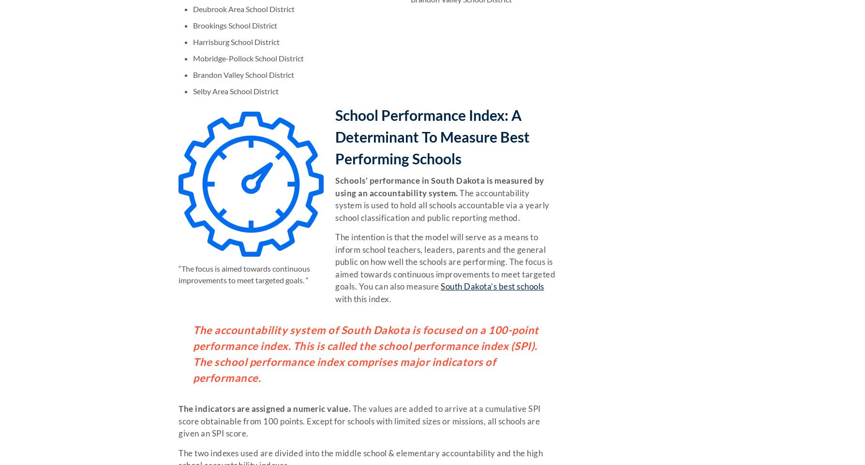 The image size is (865, 465). I want to click on '“The focus is aimed towards continuous improvements to meet targeted goals. “', so click(244, 274).